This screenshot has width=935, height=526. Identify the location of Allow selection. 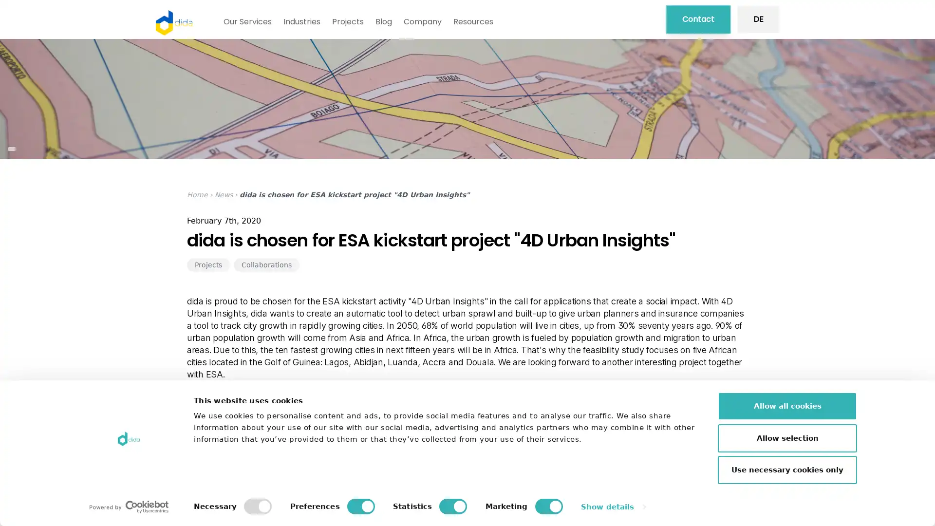
(787, 437).